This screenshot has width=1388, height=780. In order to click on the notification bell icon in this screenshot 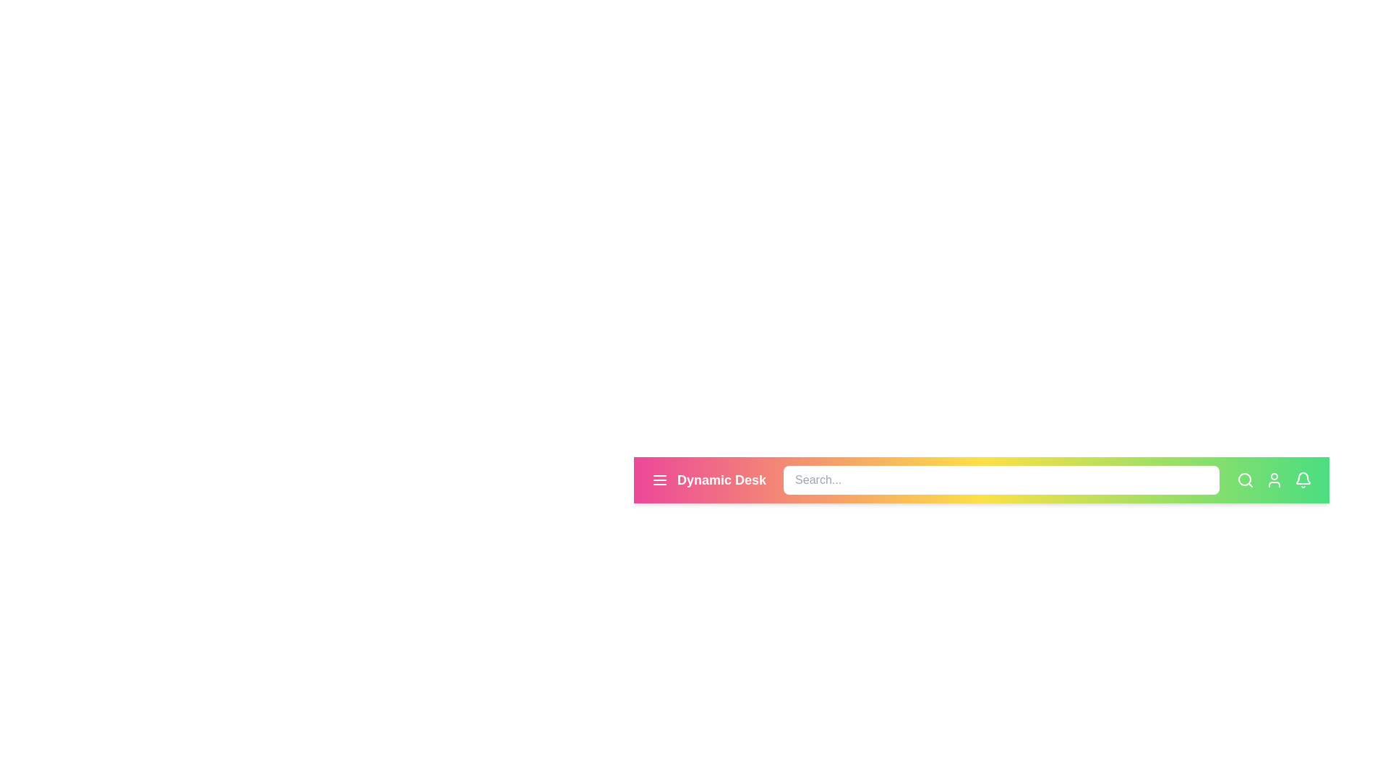, I will do `click(1303, 480)`.